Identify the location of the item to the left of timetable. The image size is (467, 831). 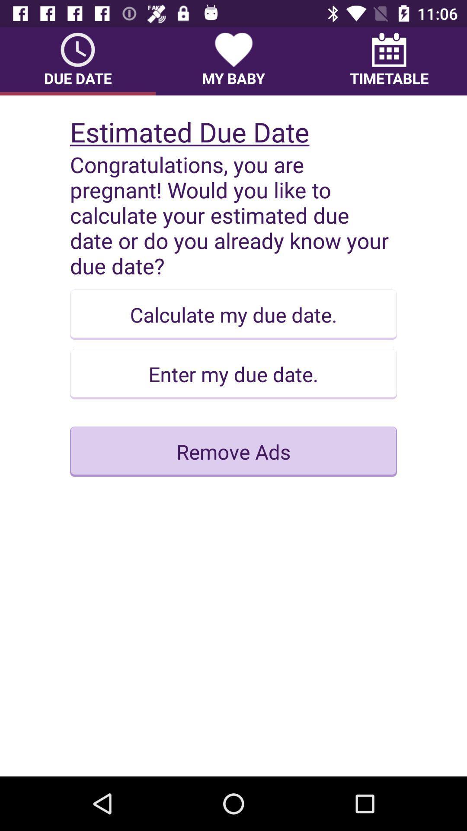
(233, 61).